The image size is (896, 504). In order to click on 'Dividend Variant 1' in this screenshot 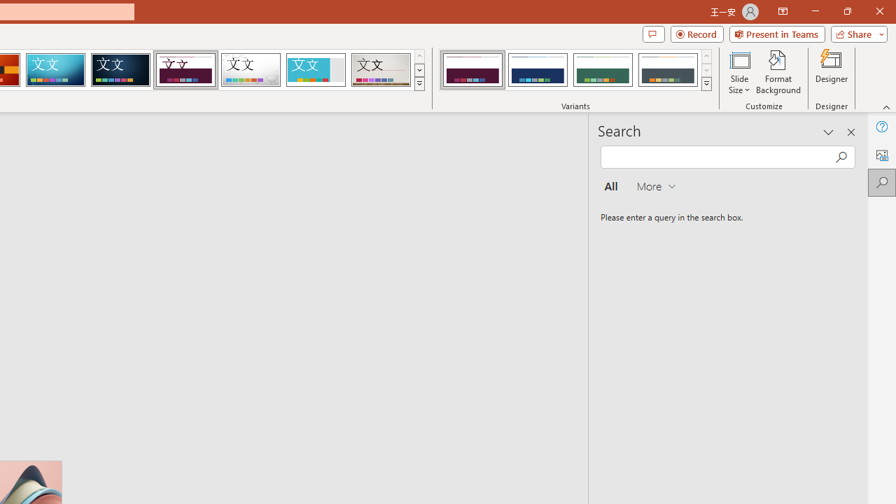, I will do `click(472, 70)`.